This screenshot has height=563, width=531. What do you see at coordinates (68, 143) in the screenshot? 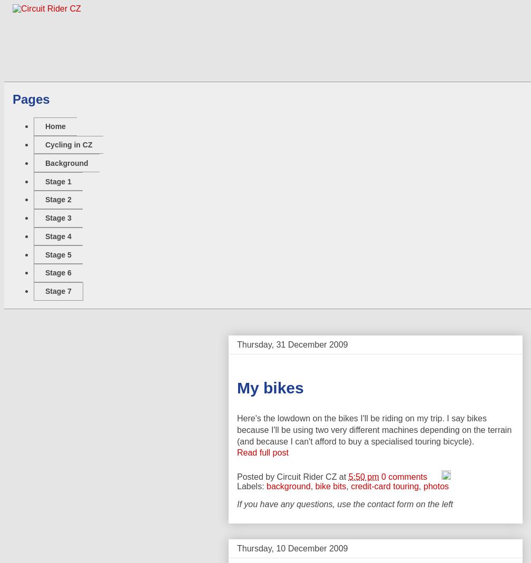
I see `'Cycling in CZ'` at bounding box center [68, 143].